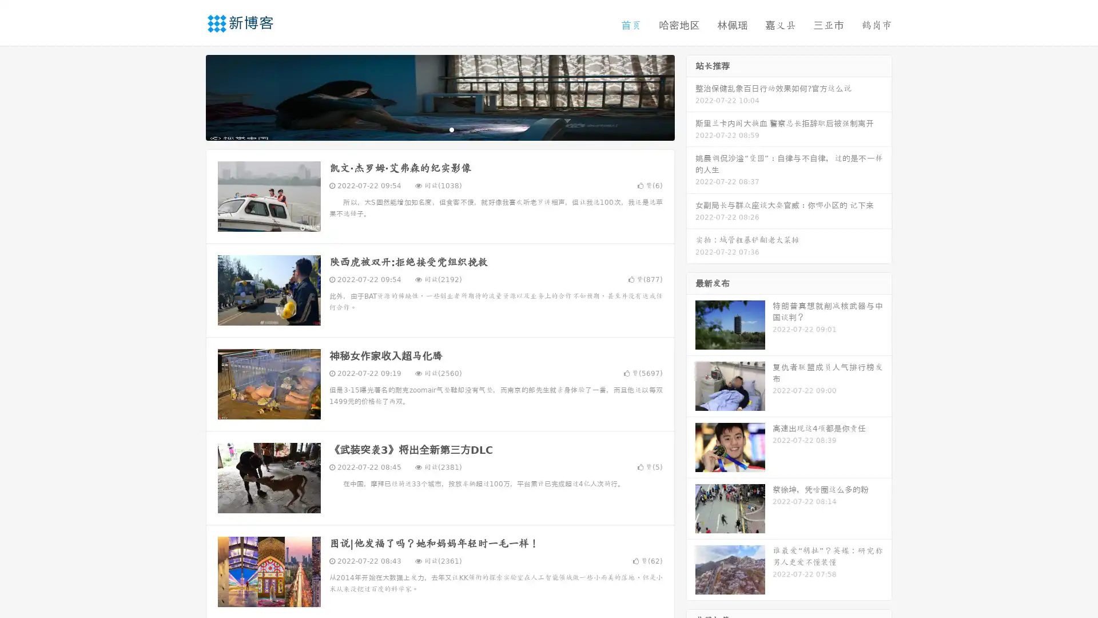  Describe the element at coordinates (451, 129) in the screenshot. I see `Go to slide 3` at that location.